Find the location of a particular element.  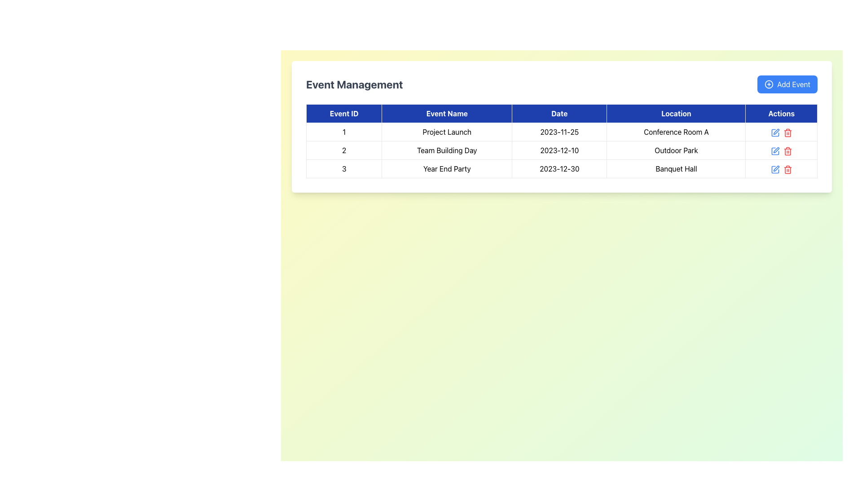

the icon button in the 'Actions' column of the second row labeled 'Team Building Day' is located at coordinates (774, 150).